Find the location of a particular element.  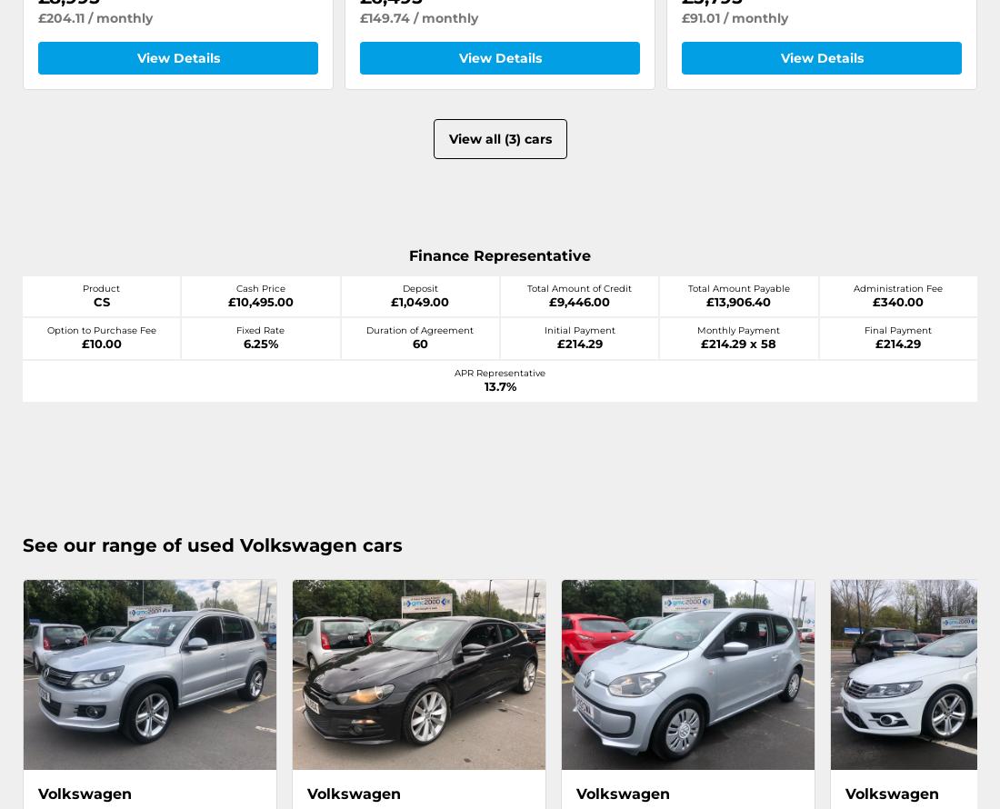

'Administration Fee' is located at coordinates (897, 287).